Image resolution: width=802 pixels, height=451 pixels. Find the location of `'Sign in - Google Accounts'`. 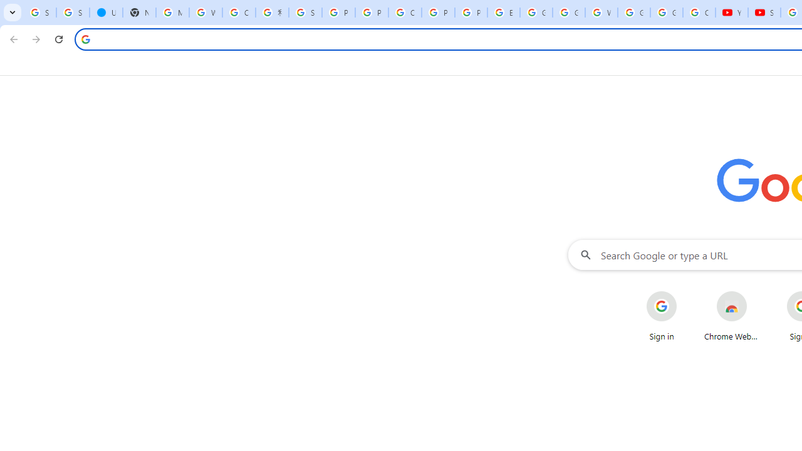

'Sign in - Google Accounts' is located at coordinates (72, 13).